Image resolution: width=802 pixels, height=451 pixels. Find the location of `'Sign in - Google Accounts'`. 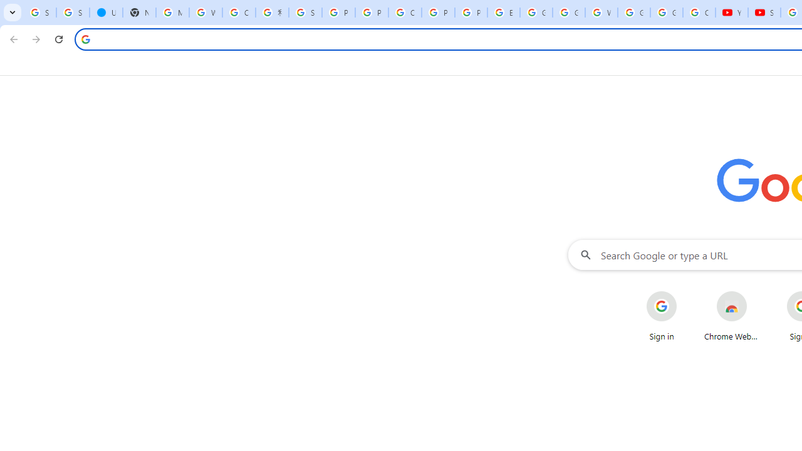

'Sign in - Google Accounts' is located at coordinates (72, 13).